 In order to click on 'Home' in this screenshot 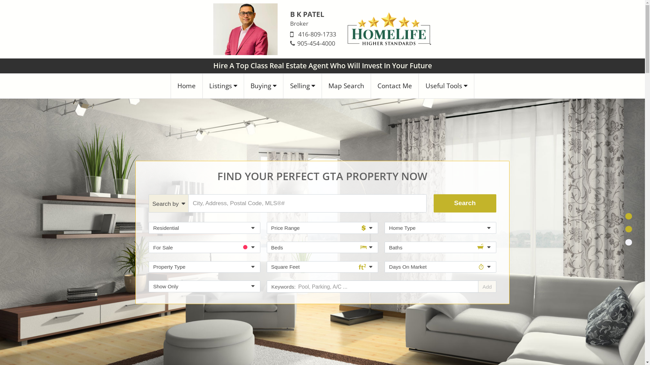, I will do `click(171, 86)`.